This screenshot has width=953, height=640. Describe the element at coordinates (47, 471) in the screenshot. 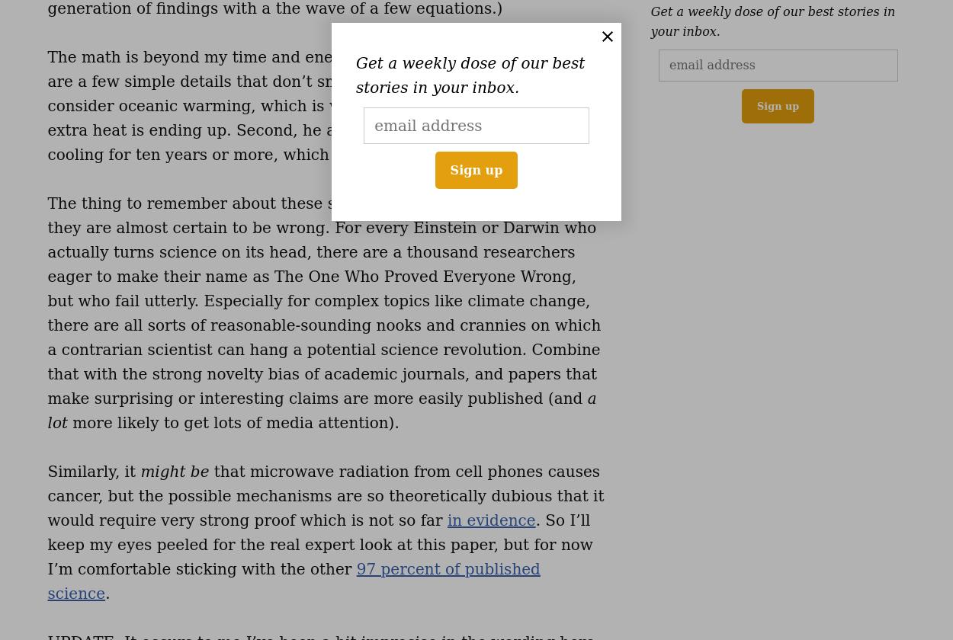

I see `'Similarly, it'` at that location.